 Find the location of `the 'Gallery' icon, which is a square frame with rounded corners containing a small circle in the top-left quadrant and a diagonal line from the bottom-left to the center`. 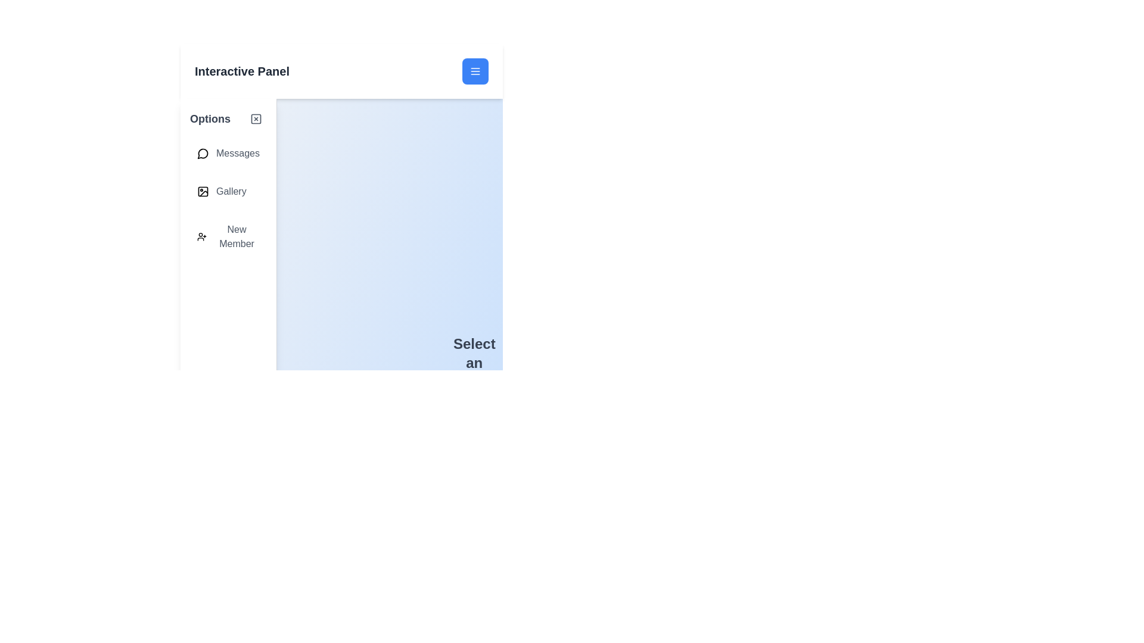

the 'Gallery' icon, which is a square frame with rounded corners containing a small circle in the top-left quadrant and a diagonal line from the bottom-left to the center is located at coordinates (203, 191).